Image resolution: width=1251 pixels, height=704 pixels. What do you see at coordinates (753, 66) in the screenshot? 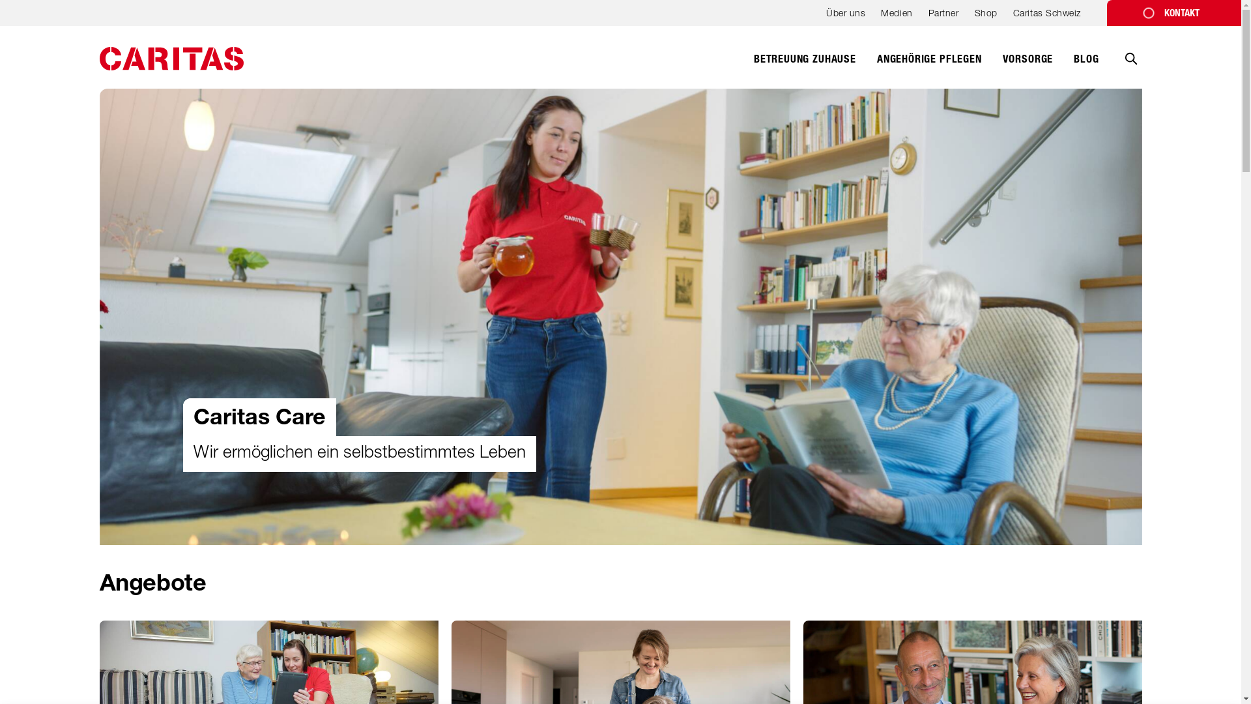
I see `'BETREUUNG ZUHAUSE'` at bounding box center [753, 66].